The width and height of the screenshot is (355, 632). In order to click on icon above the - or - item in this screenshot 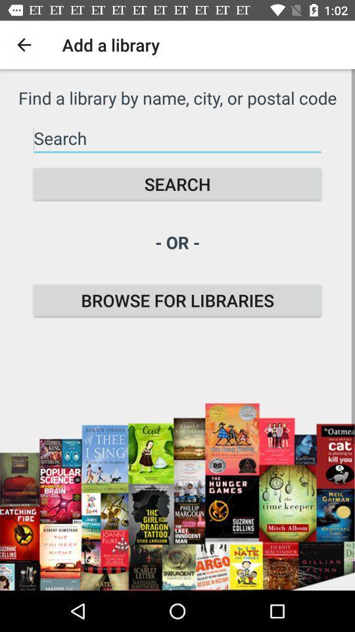, I will do `click(177, 183)`.